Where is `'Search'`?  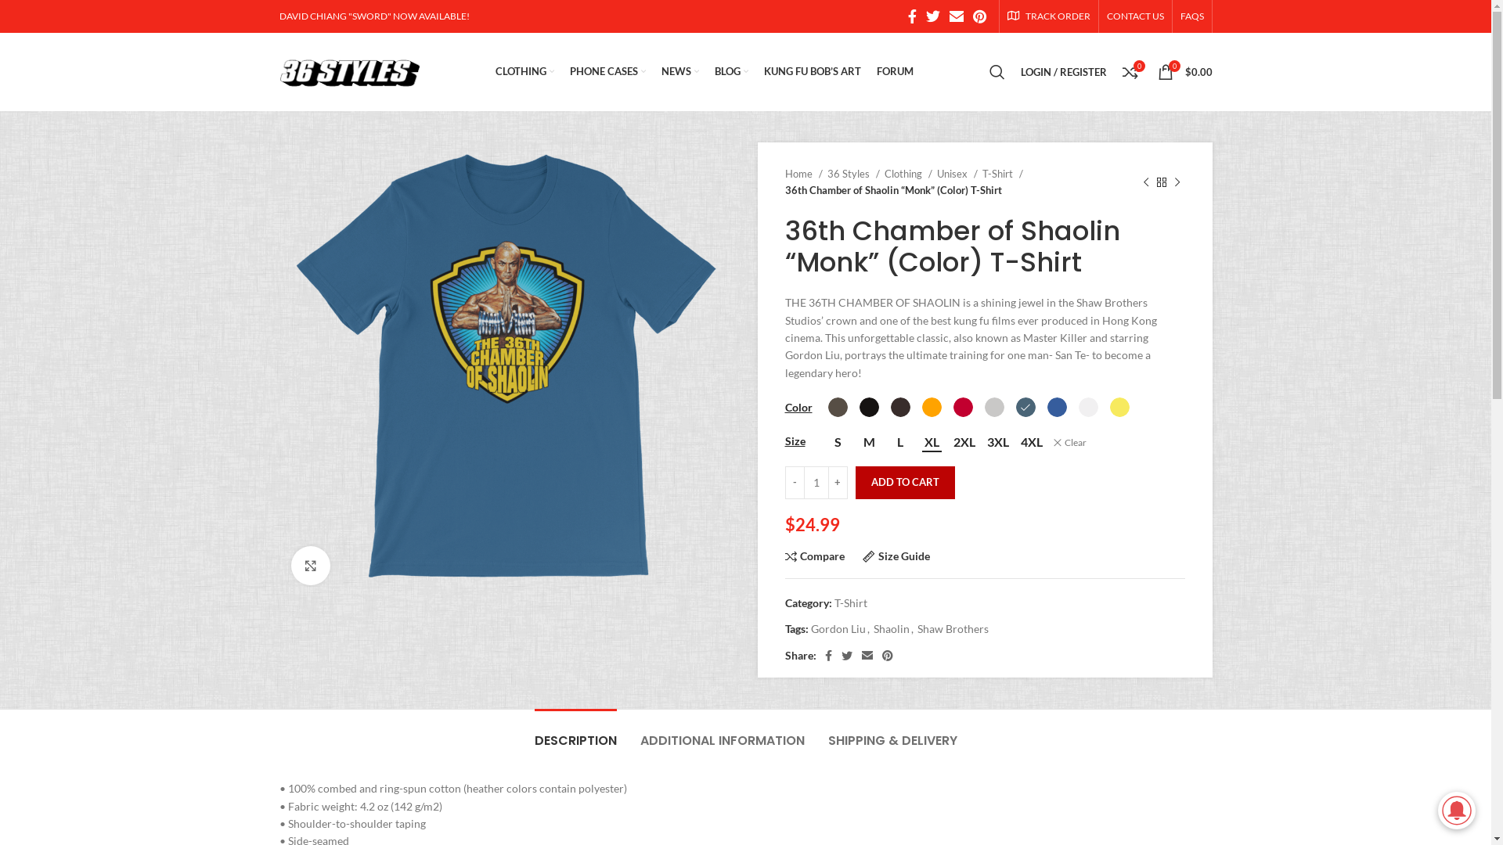 'Search' is located at coordinates (996, 72).